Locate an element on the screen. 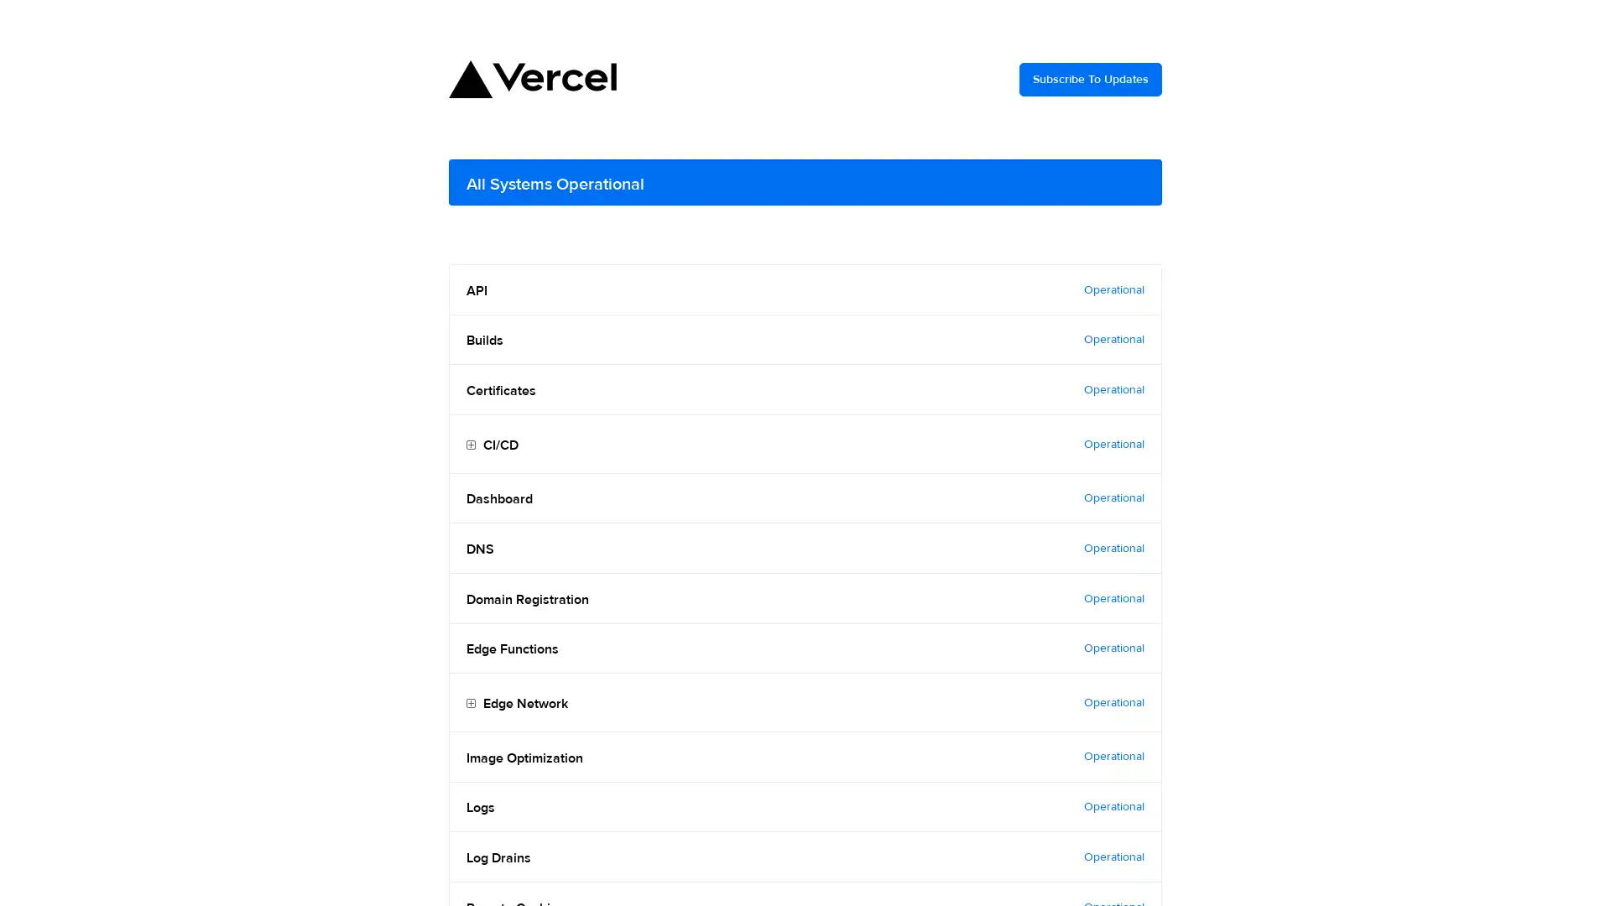 The image size is (1611, 906). Toggle CI/CD is located at coordinates (470, 445).